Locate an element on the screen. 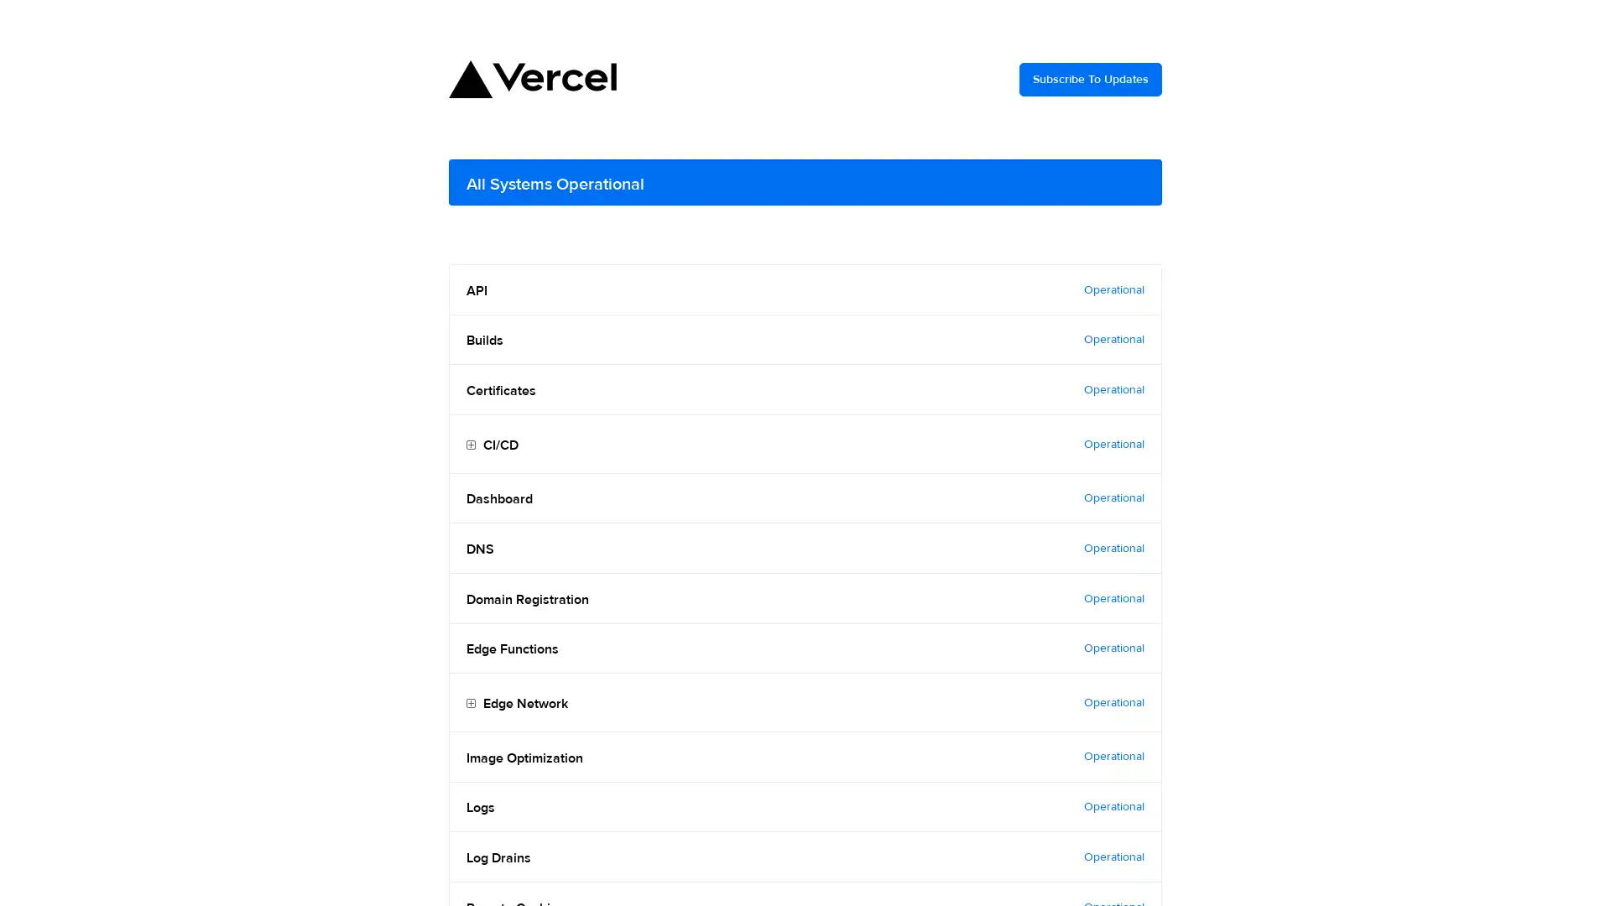 The image size is (1611, 906). Toggle CI/CD is located at coordinates (470, 445).